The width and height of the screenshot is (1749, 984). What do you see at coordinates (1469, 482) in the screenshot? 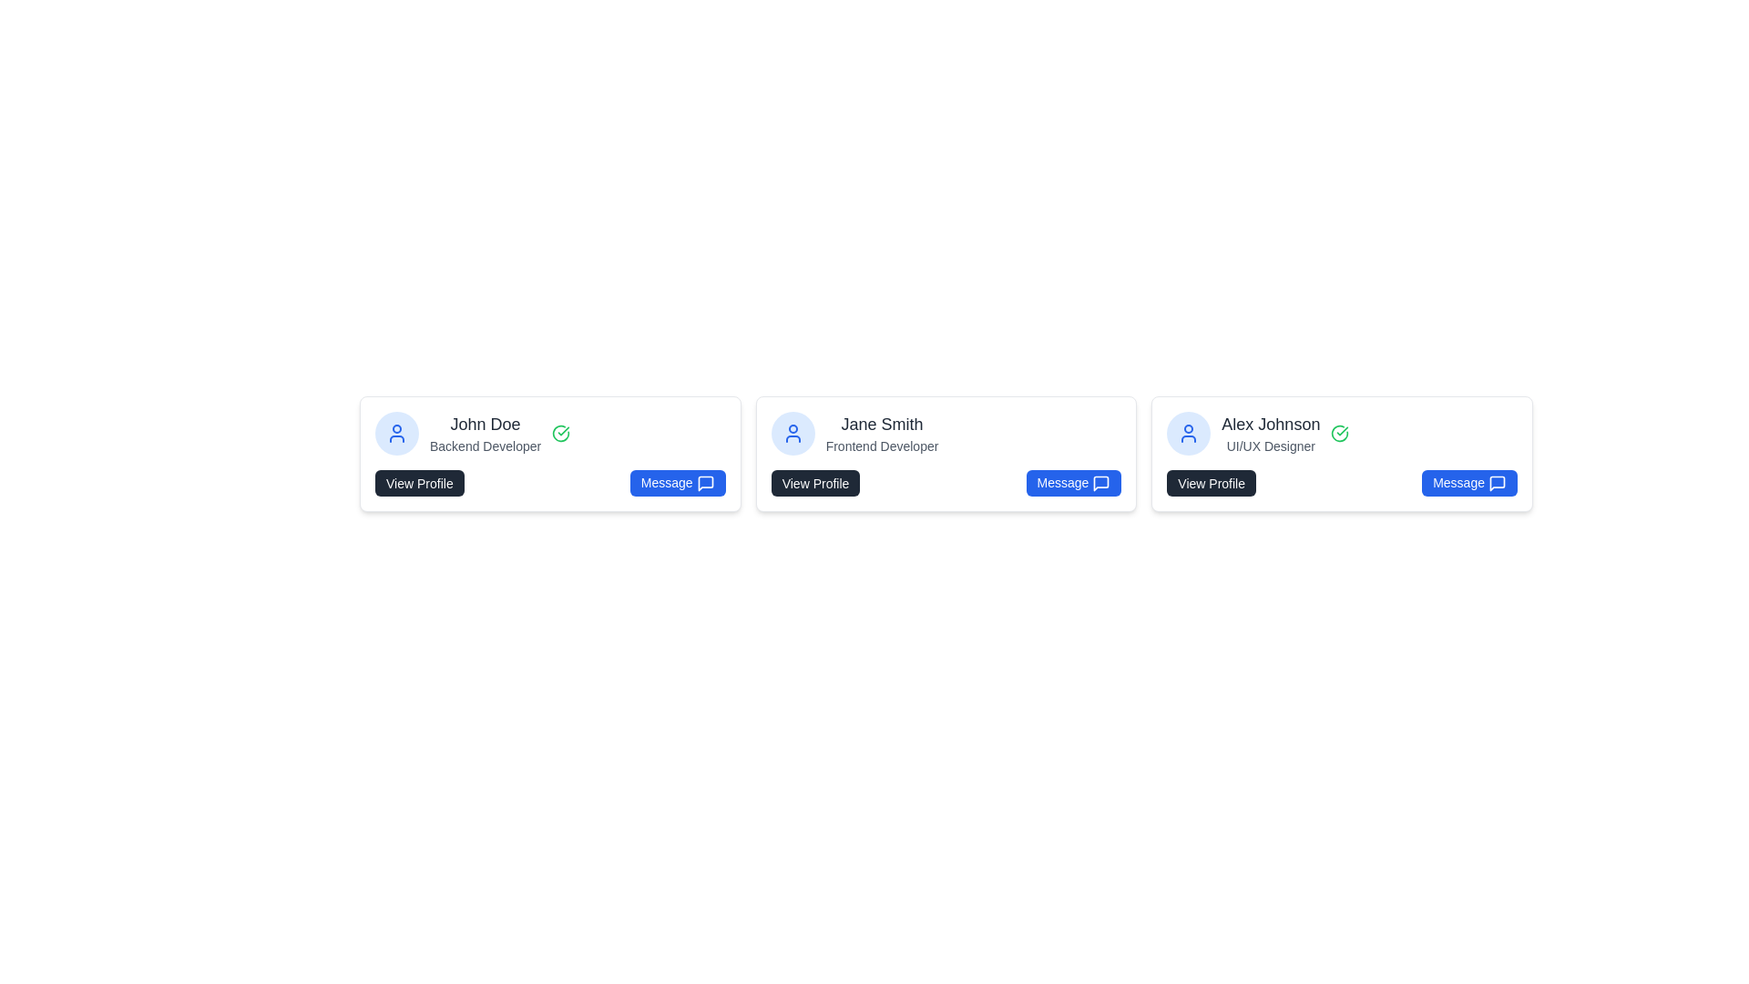
I see `the 'Message' button, which is a blue button with white text and a speech bubble icon, located at the bottom-right corner of Alex Johnson's card` at bounding box center [1469, 482].